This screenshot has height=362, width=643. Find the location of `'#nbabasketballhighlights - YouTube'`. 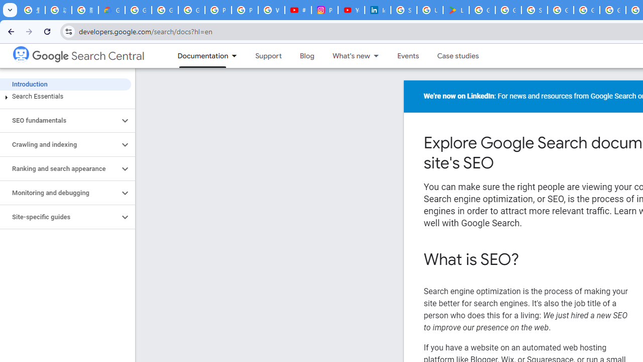

'#nbabasketballhighlights - YouTube' is located at coordinates (297, 10).